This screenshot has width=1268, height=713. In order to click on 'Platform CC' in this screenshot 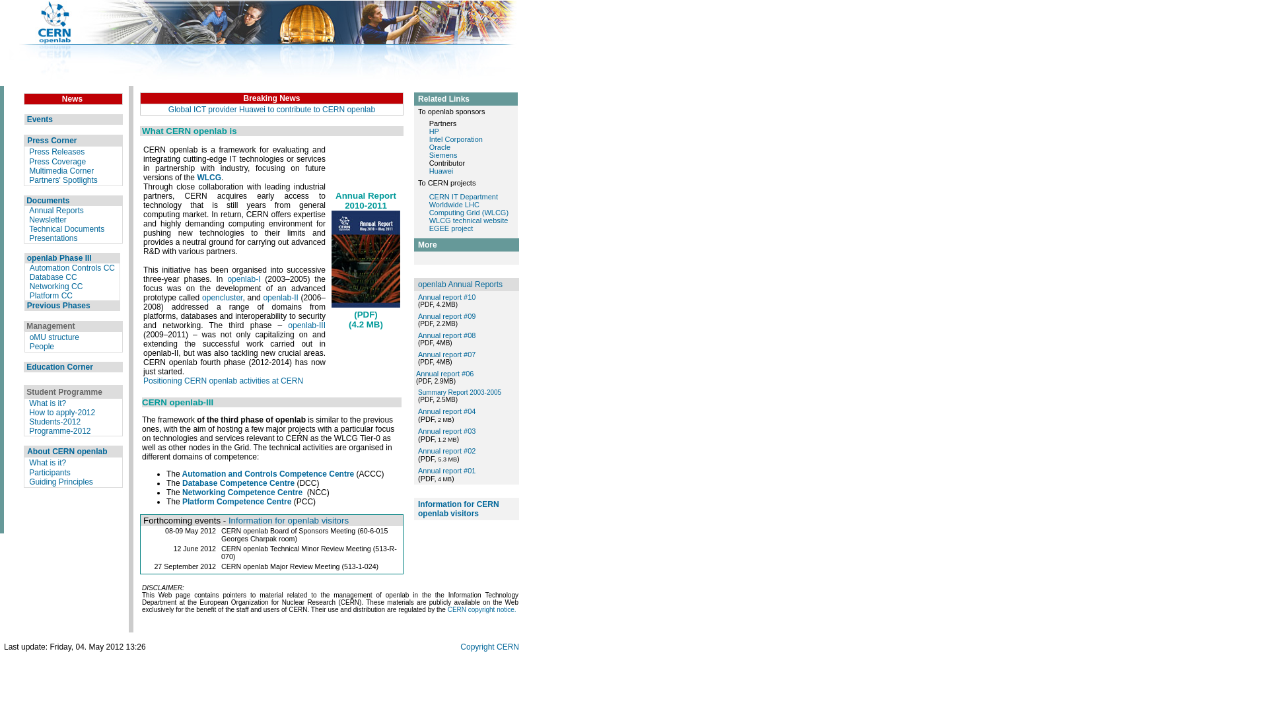, I will do `click(51, 294)`.